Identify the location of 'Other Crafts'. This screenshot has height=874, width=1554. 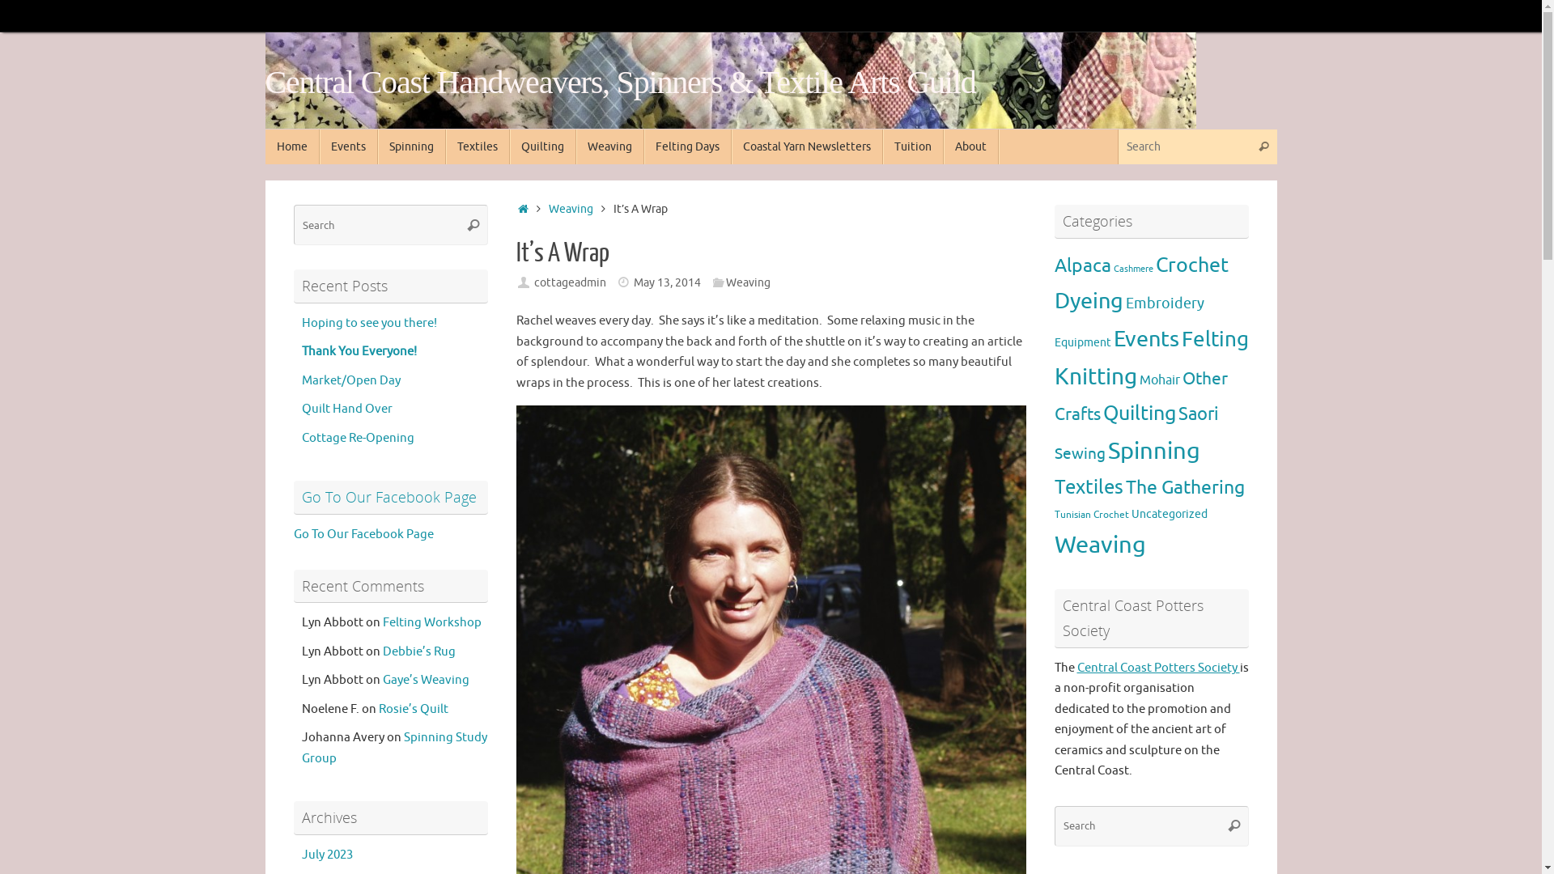
(1140, 396).